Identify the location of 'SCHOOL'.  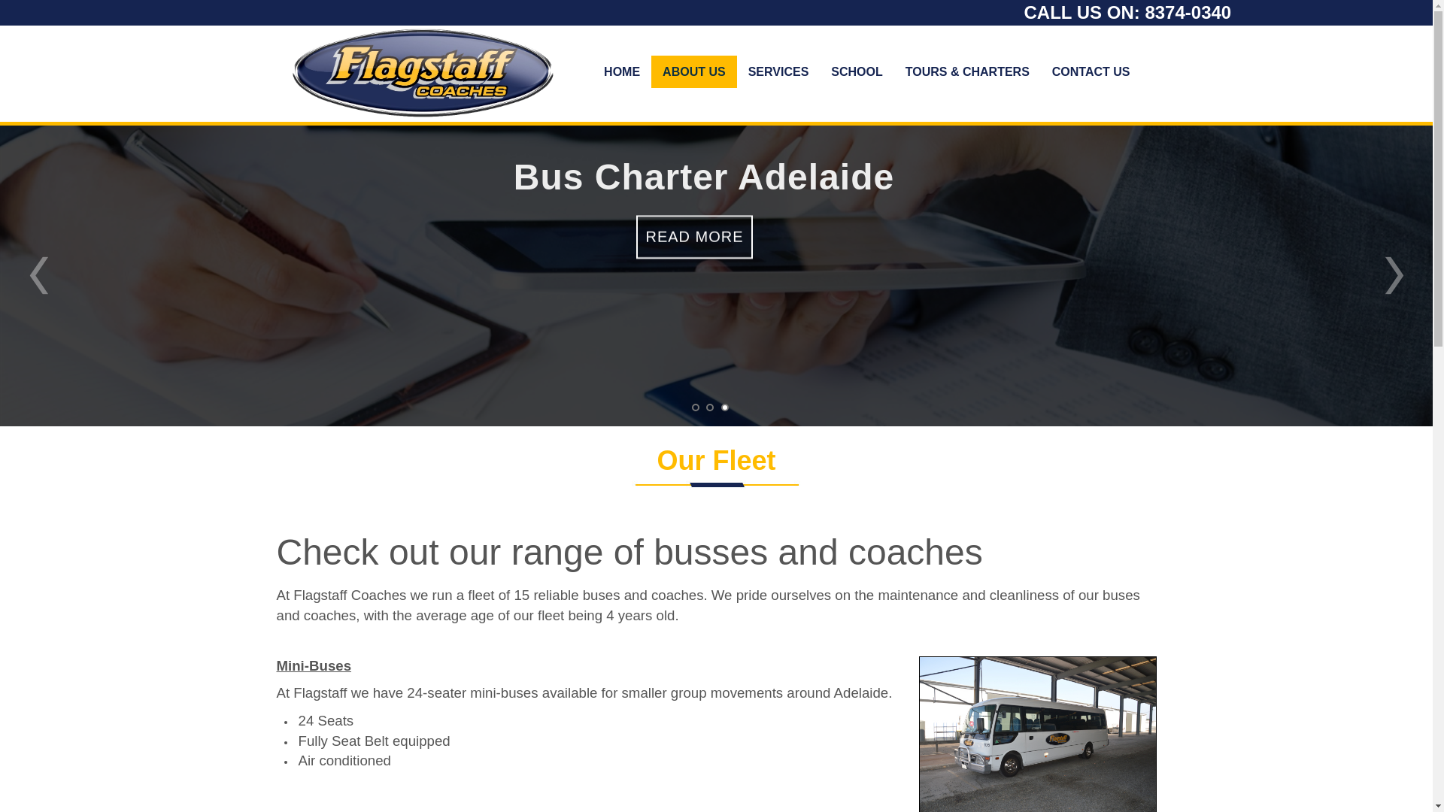
(856, 71).